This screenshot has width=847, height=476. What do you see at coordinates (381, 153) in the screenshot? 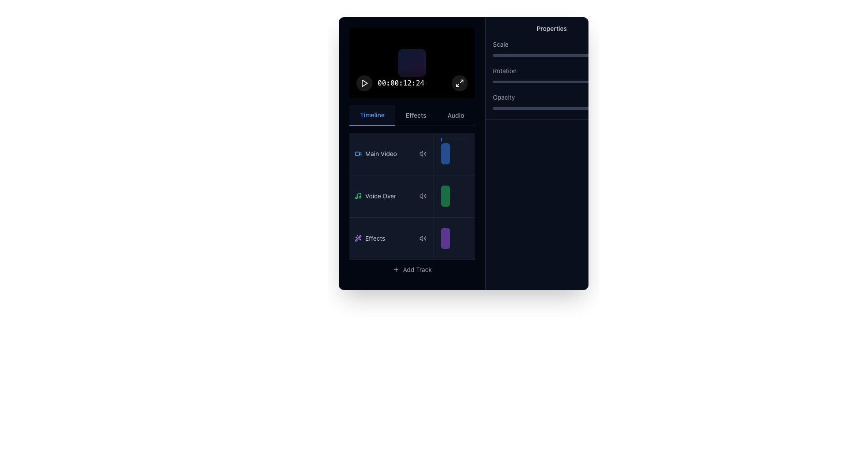
I see `the 'Main Video' text label in the timeline section, which is located in the left pane and aligned to the right of a blue video icon` at bounding box center [381, 153].